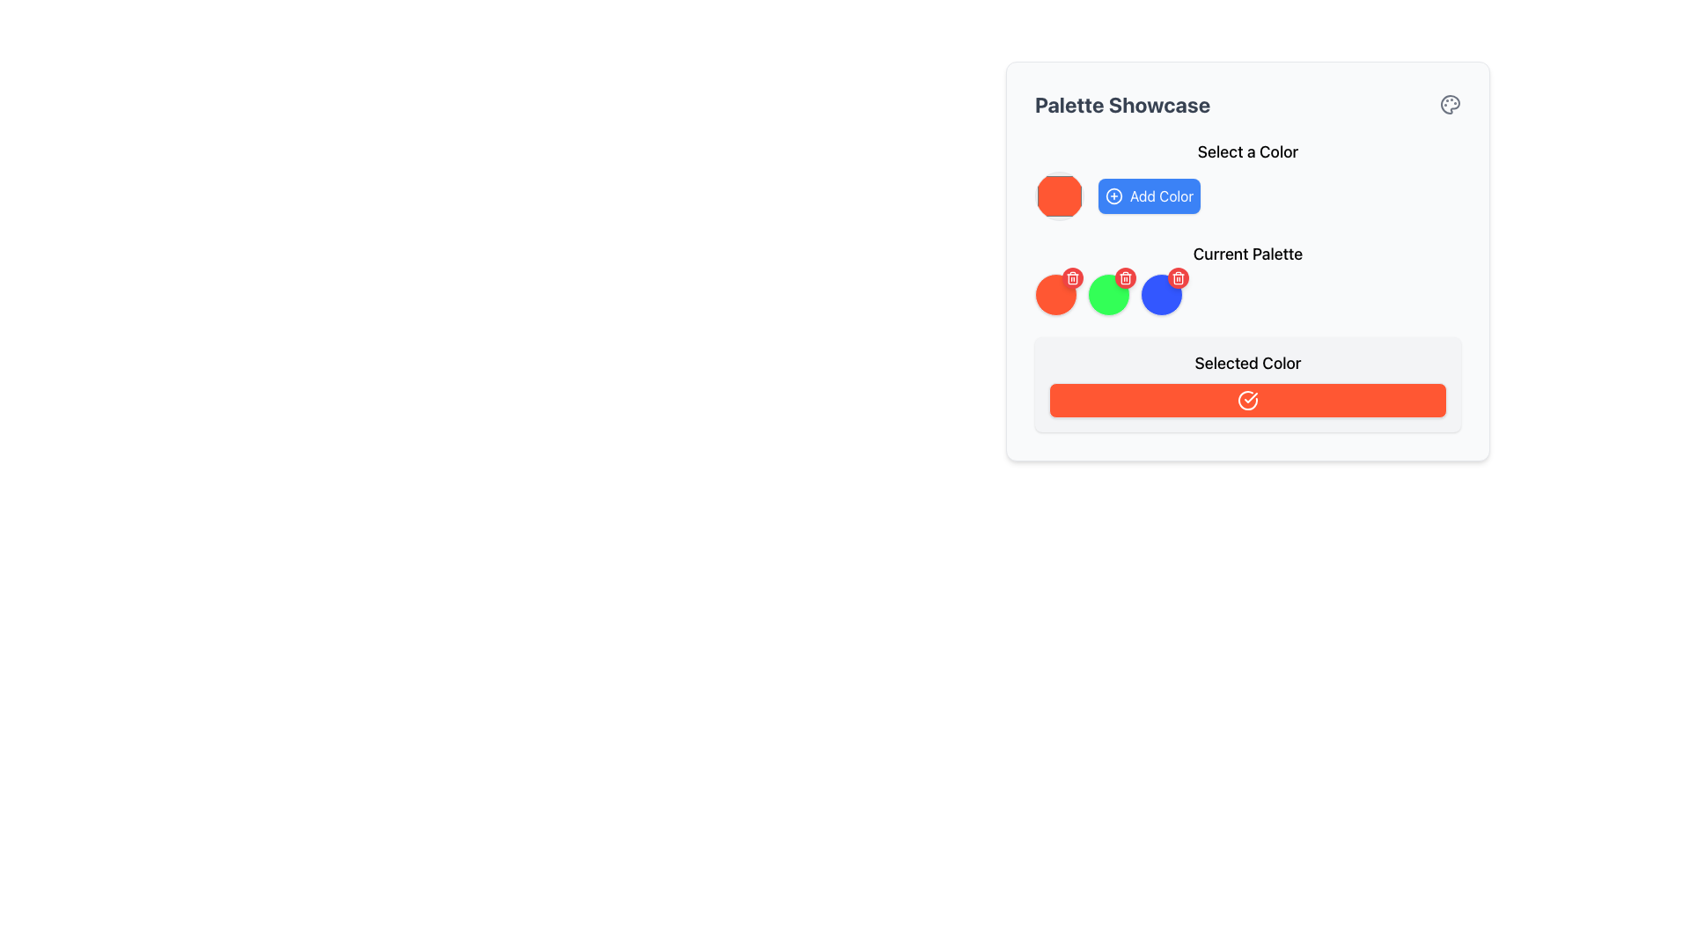 This screenshot has height=951, width=1690. What do you see at coordinates (1072, 277) in the screenshot?
I see `the delete button located in the top-right corner of the circular element in the 'Current Palette' section of the 'Palette Showcase' interface` at bounding box center [1072, 277].